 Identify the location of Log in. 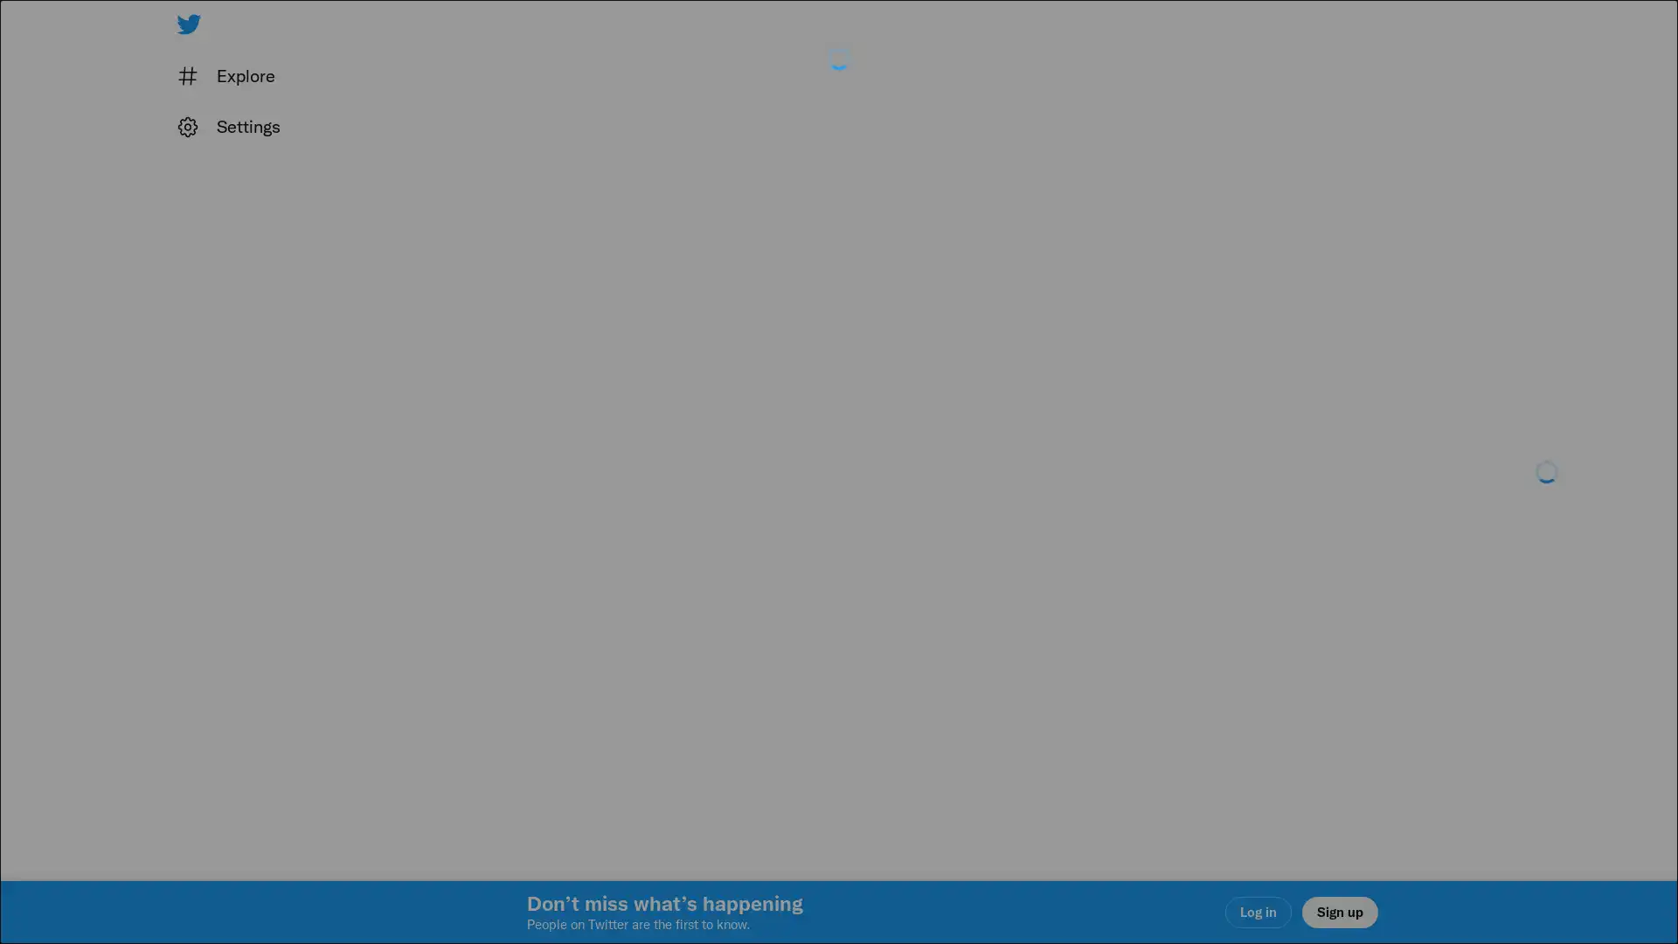
(1049, 595).